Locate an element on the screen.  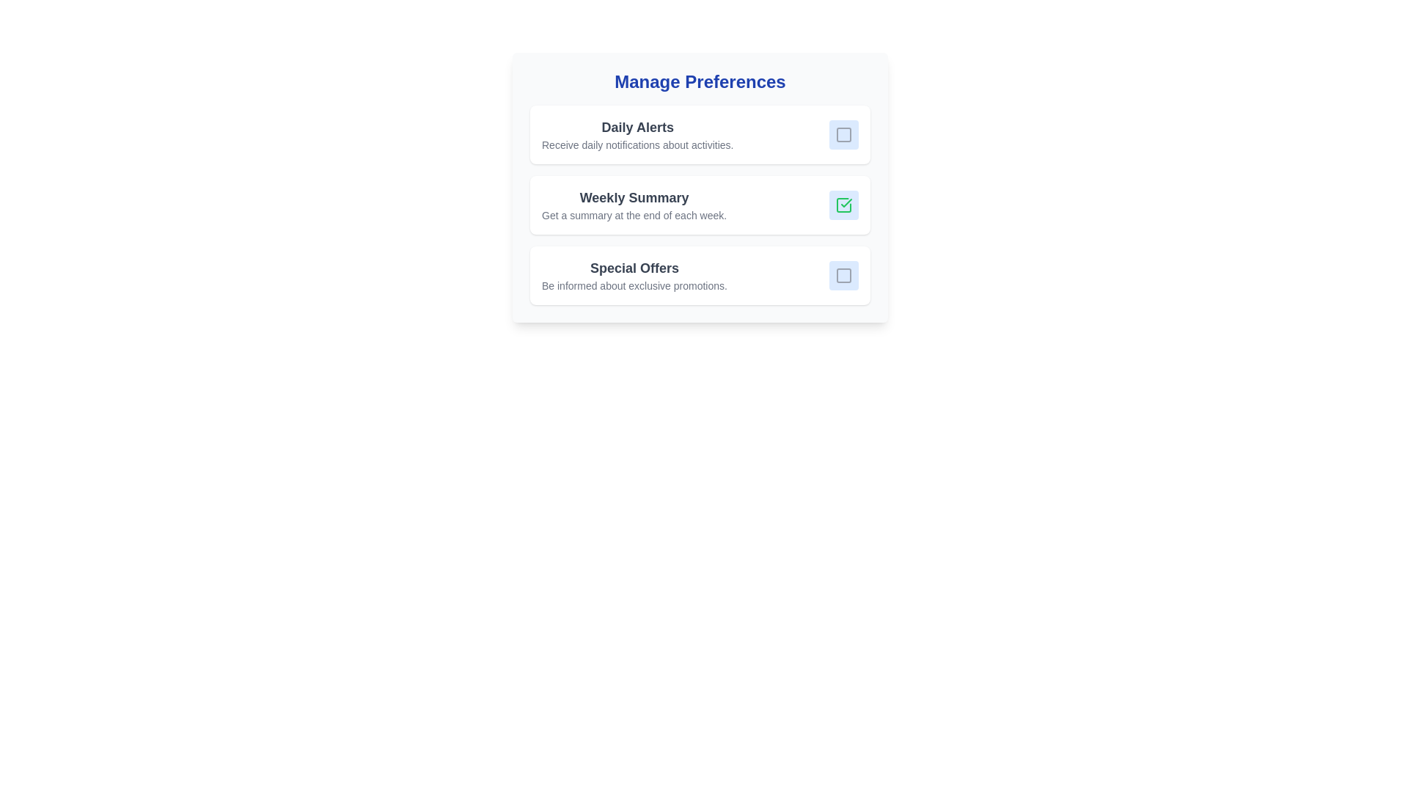
the checkbox in the third item of the 'Manage Preferences' section is located at coordinates (700, 275).